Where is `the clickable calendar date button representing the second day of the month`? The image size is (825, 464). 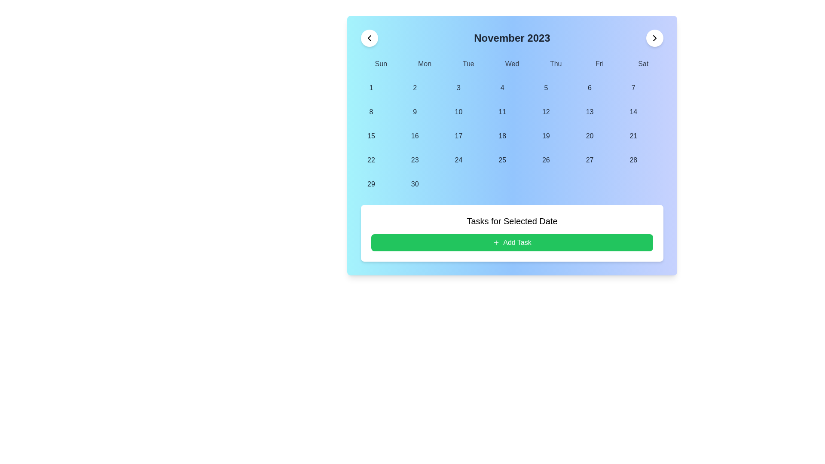
the clickable calendar date button representing the second day of the month is located at coordinates (415, 88).